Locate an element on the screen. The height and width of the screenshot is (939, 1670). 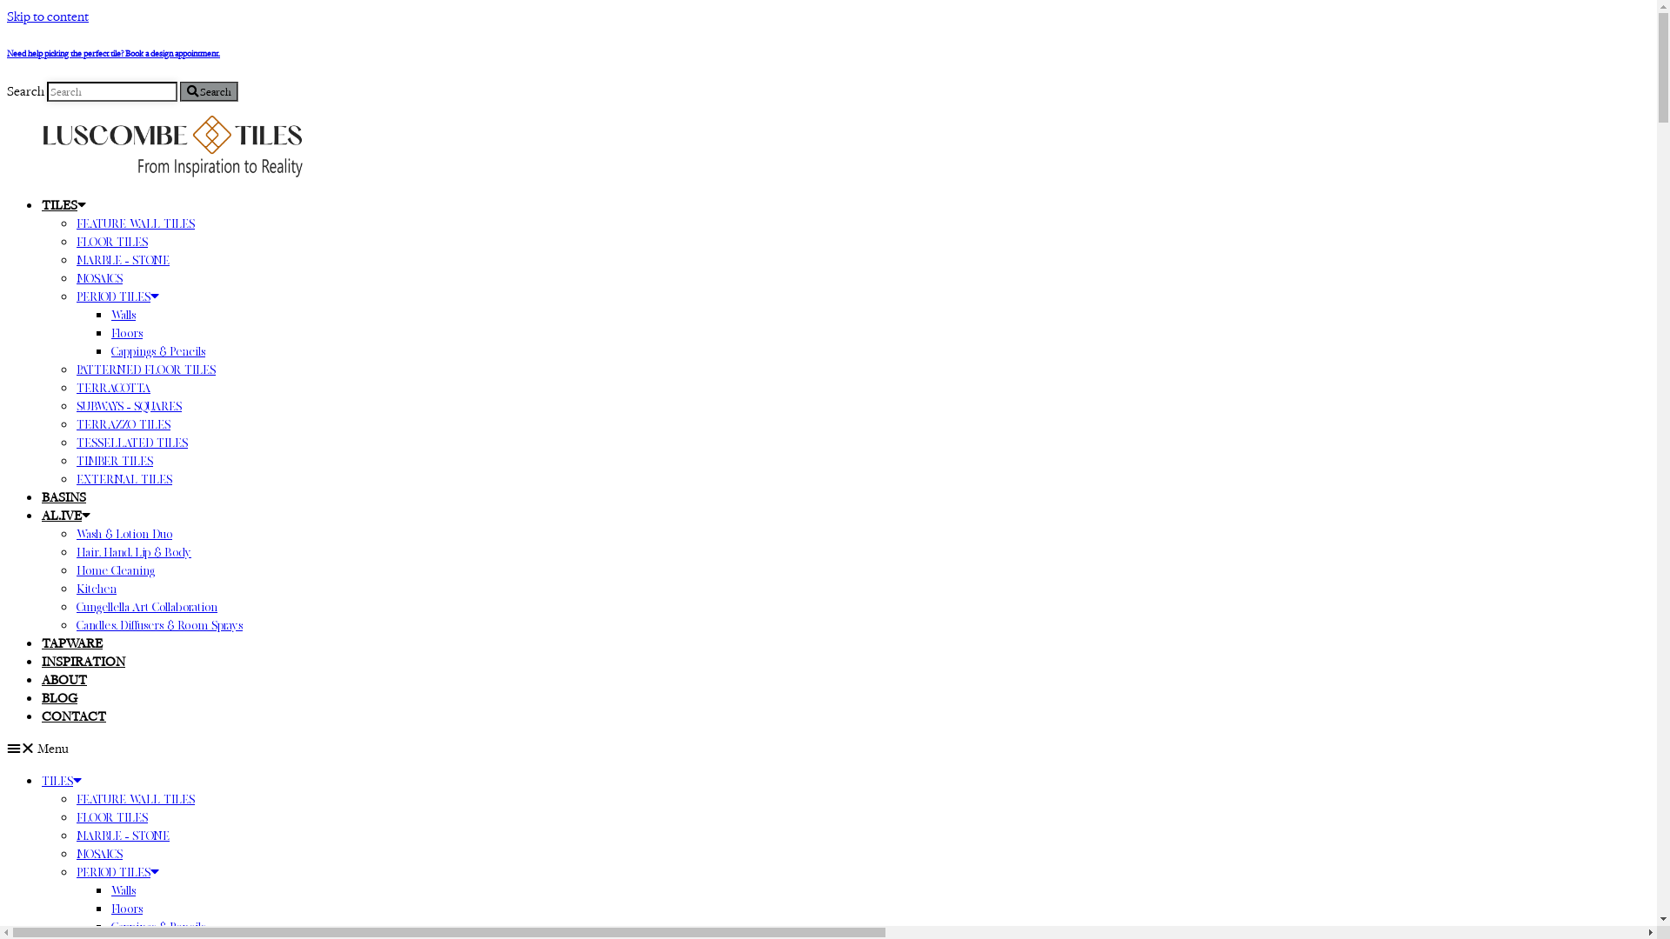
'MOSAICS' is located at coordinates (98, 853).